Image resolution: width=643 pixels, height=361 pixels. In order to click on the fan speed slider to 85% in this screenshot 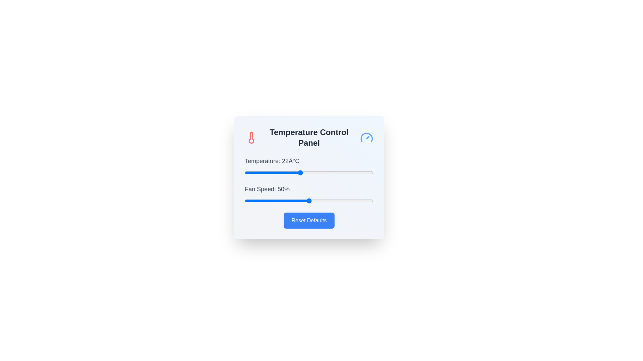, I will do `click(354, 201)`.